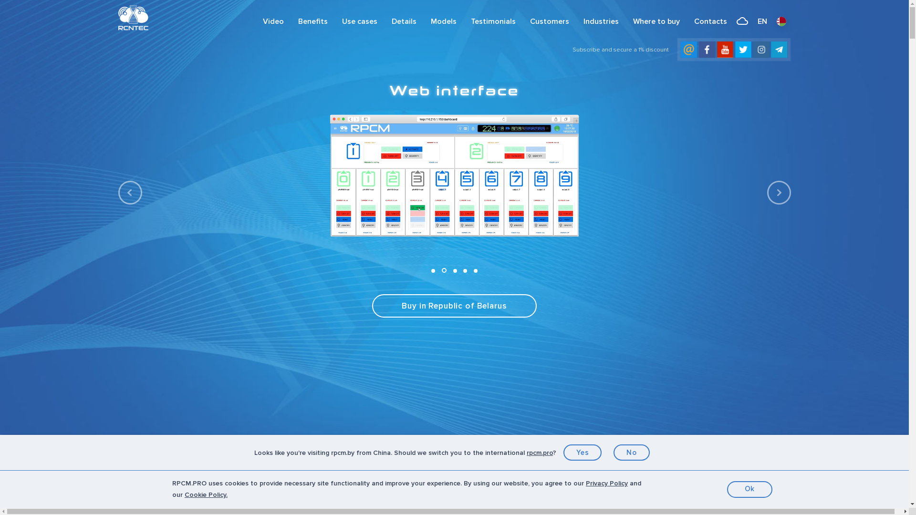  Describe the element at coordinates (625, 21) in the screenshot. I see `'Where to buy'` at that location.